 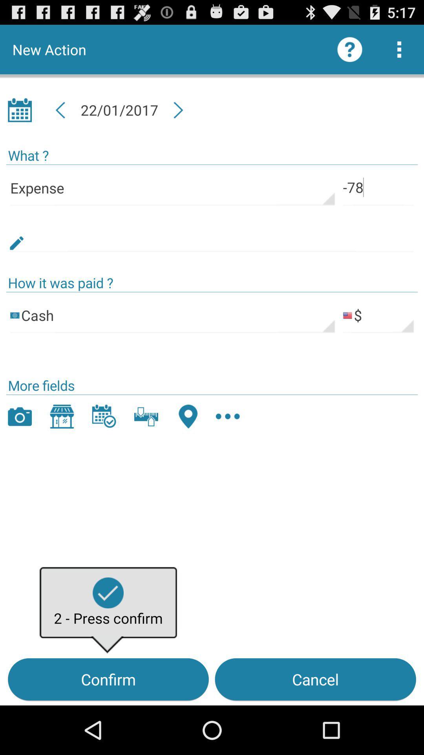 I want to click on edit text, so click(x=212, y=234).